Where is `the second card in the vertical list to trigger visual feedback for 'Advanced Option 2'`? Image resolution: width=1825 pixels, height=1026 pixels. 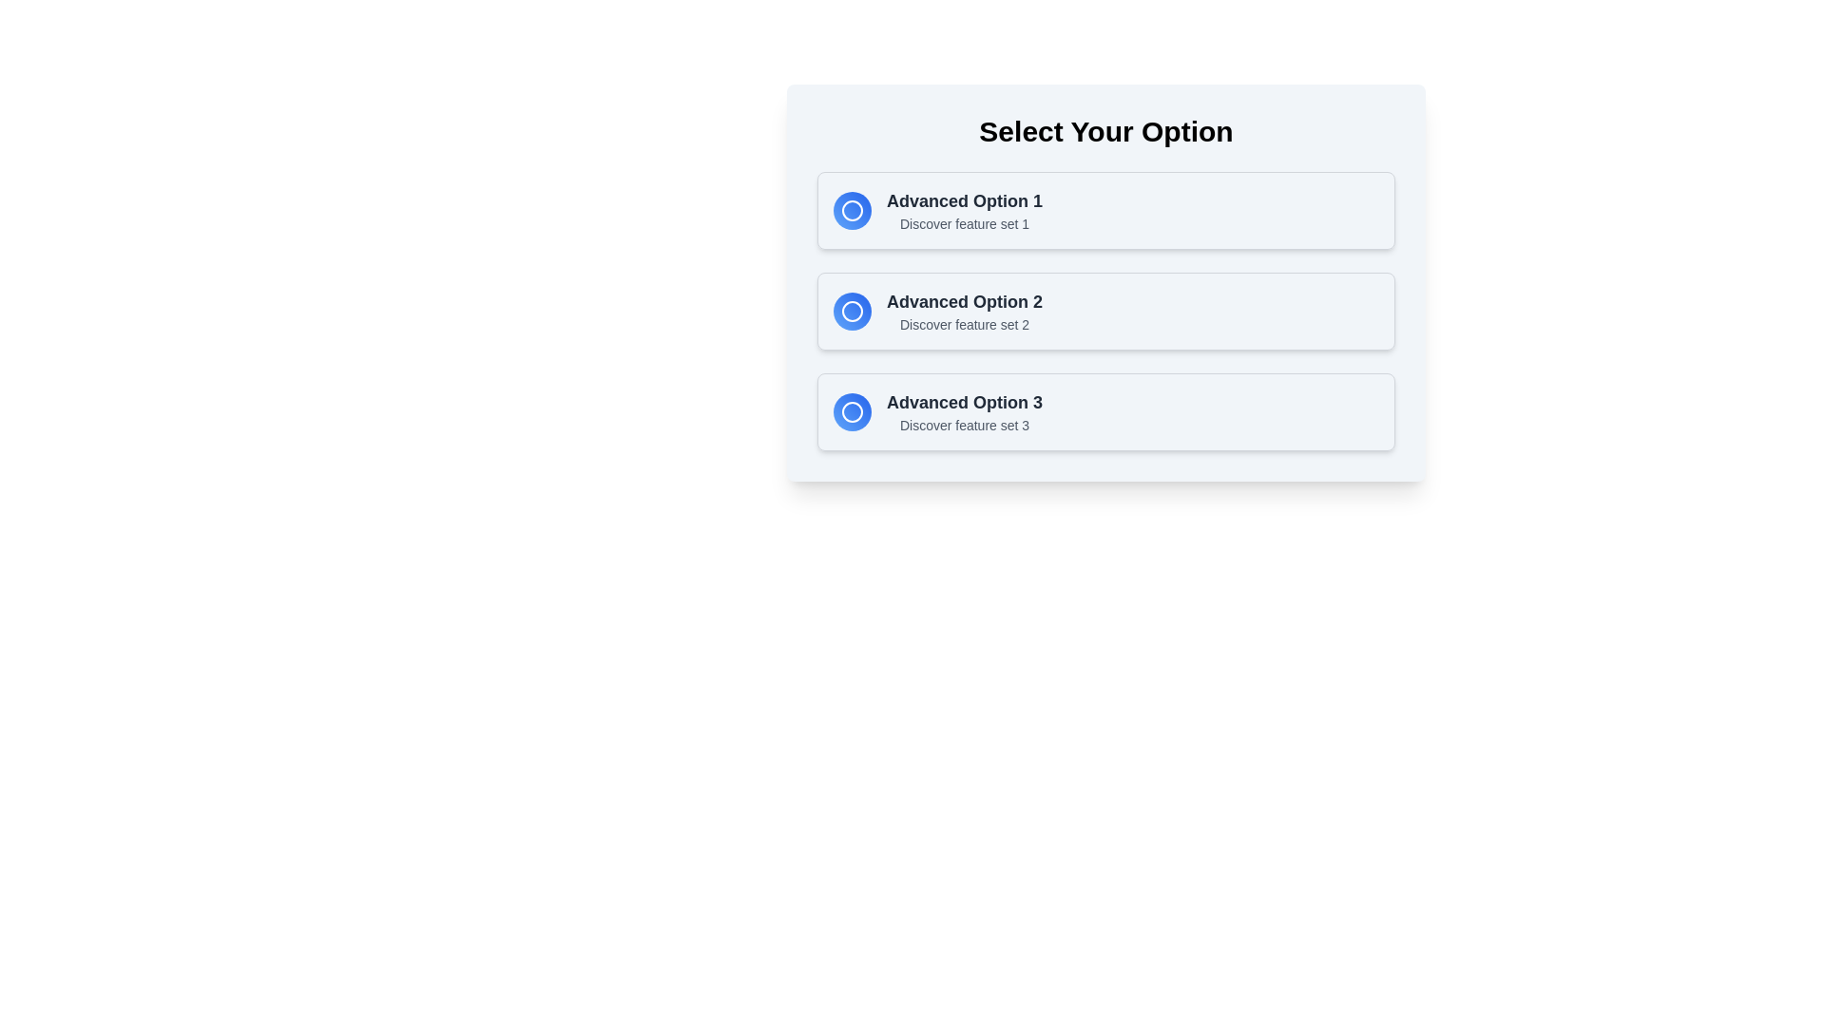 the second card in the vertical list to trigger visual feedback for 'Advanced Option 2' is located at coordinates (1105, 310).